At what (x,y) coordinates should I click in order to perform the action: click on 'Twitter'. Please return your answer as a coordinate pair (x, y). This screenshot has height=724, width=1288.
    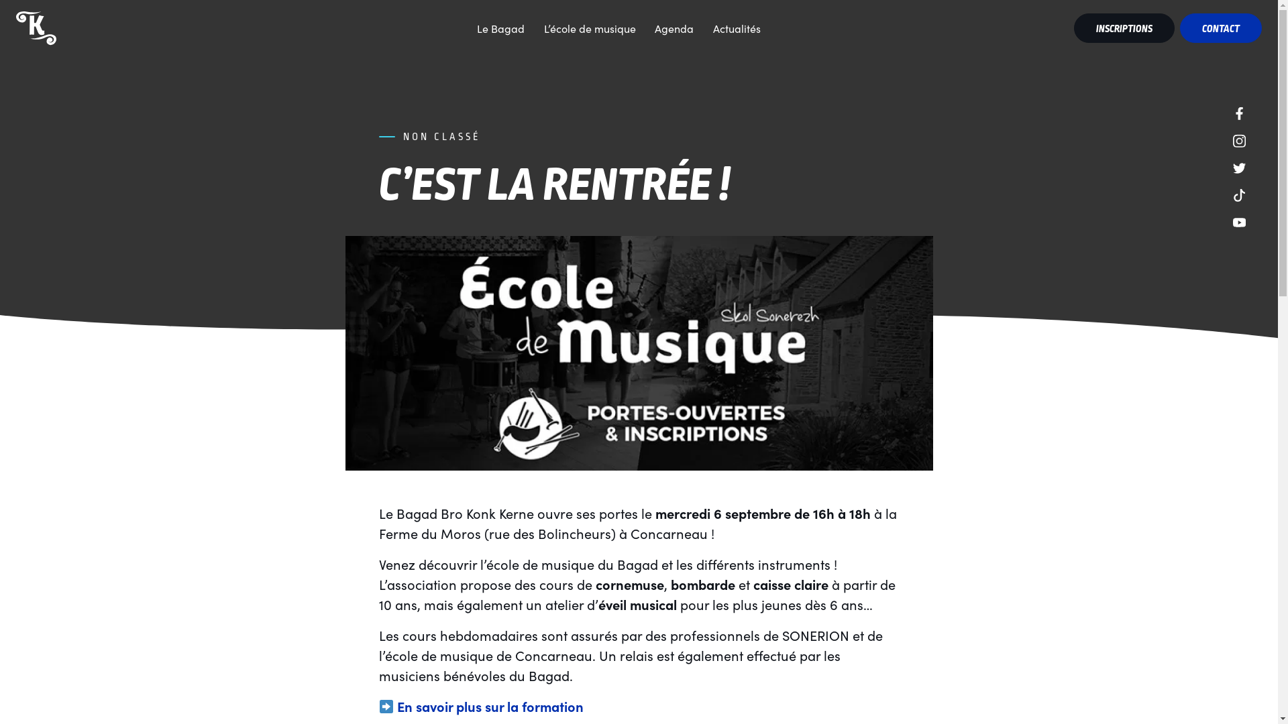
    Looking at the image, I should click on (1238, 166).